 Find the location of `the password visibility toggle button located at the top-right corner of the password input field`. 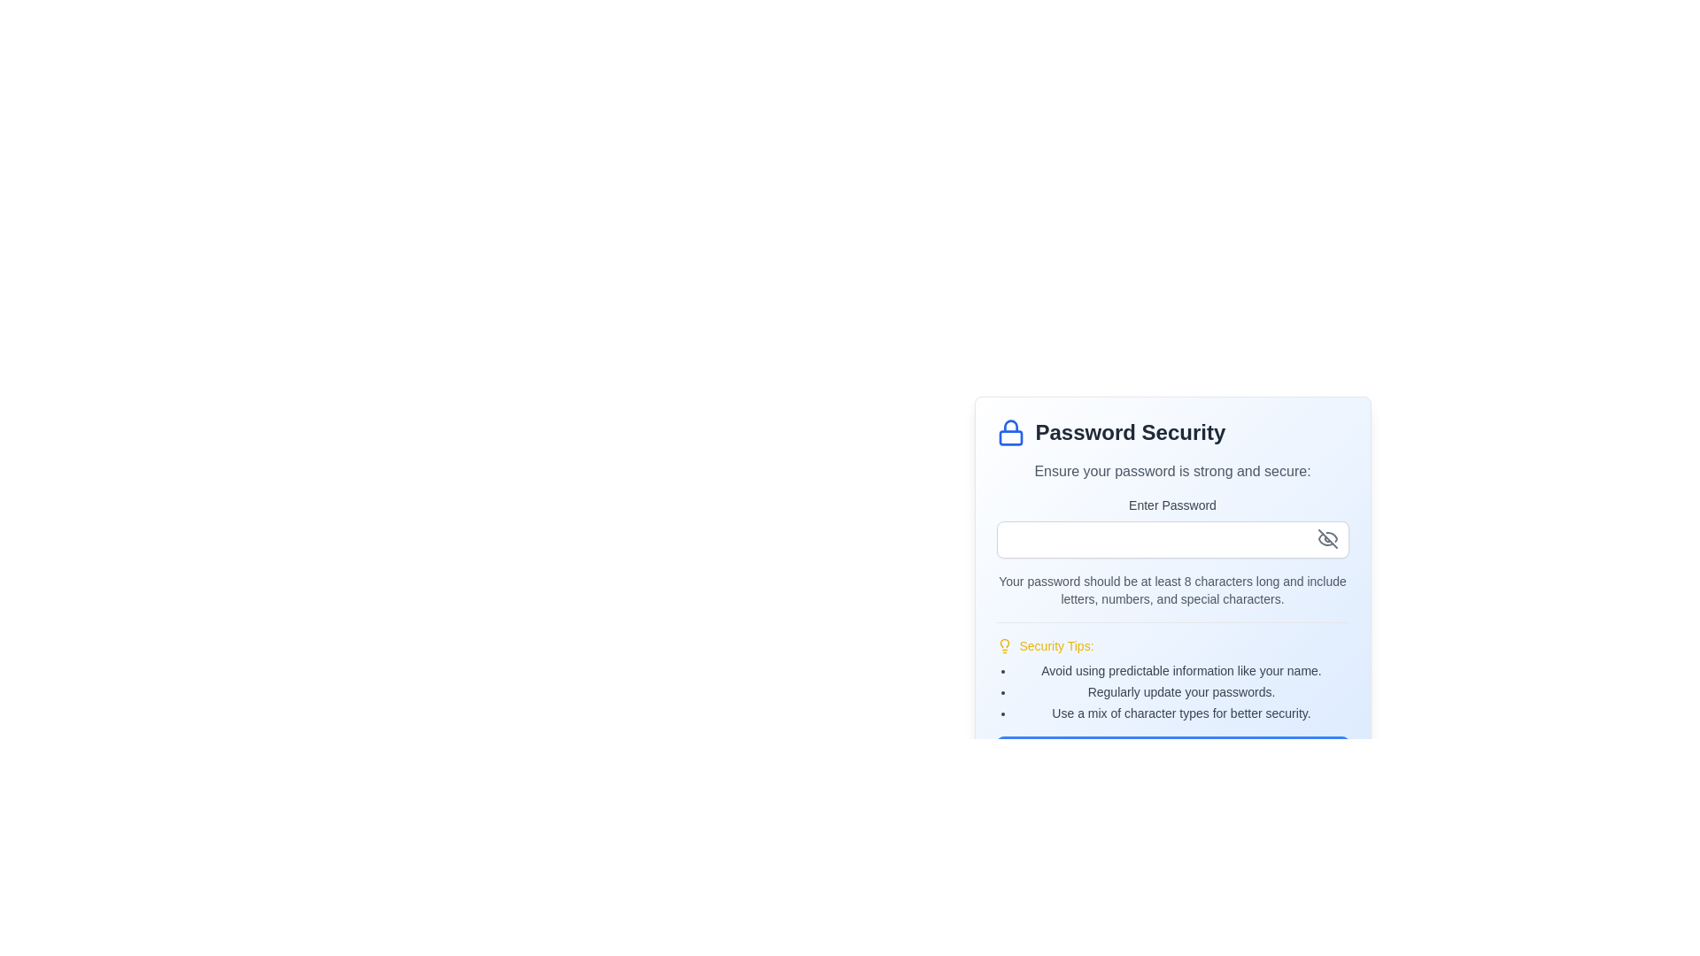

the password visibility toggle button located at the top-right corner of the password input field is located at coordinates (1327, 538).